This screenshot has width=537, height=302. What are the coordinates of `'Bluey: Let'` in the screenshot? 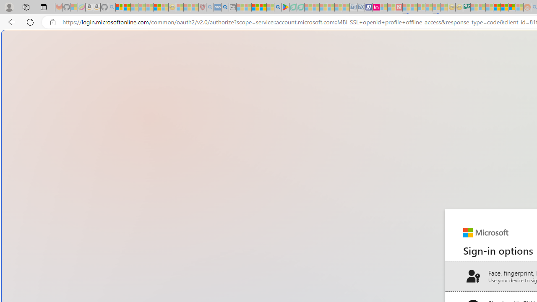 It's located at (285, 7).